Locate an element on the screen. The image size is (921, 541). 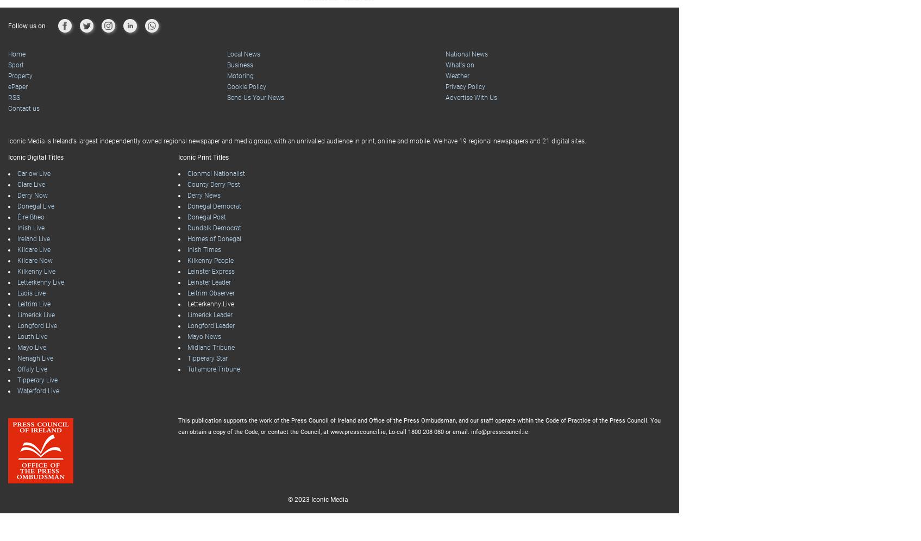
'Clonmel Nationalist' is located at coordinates (215, 173).